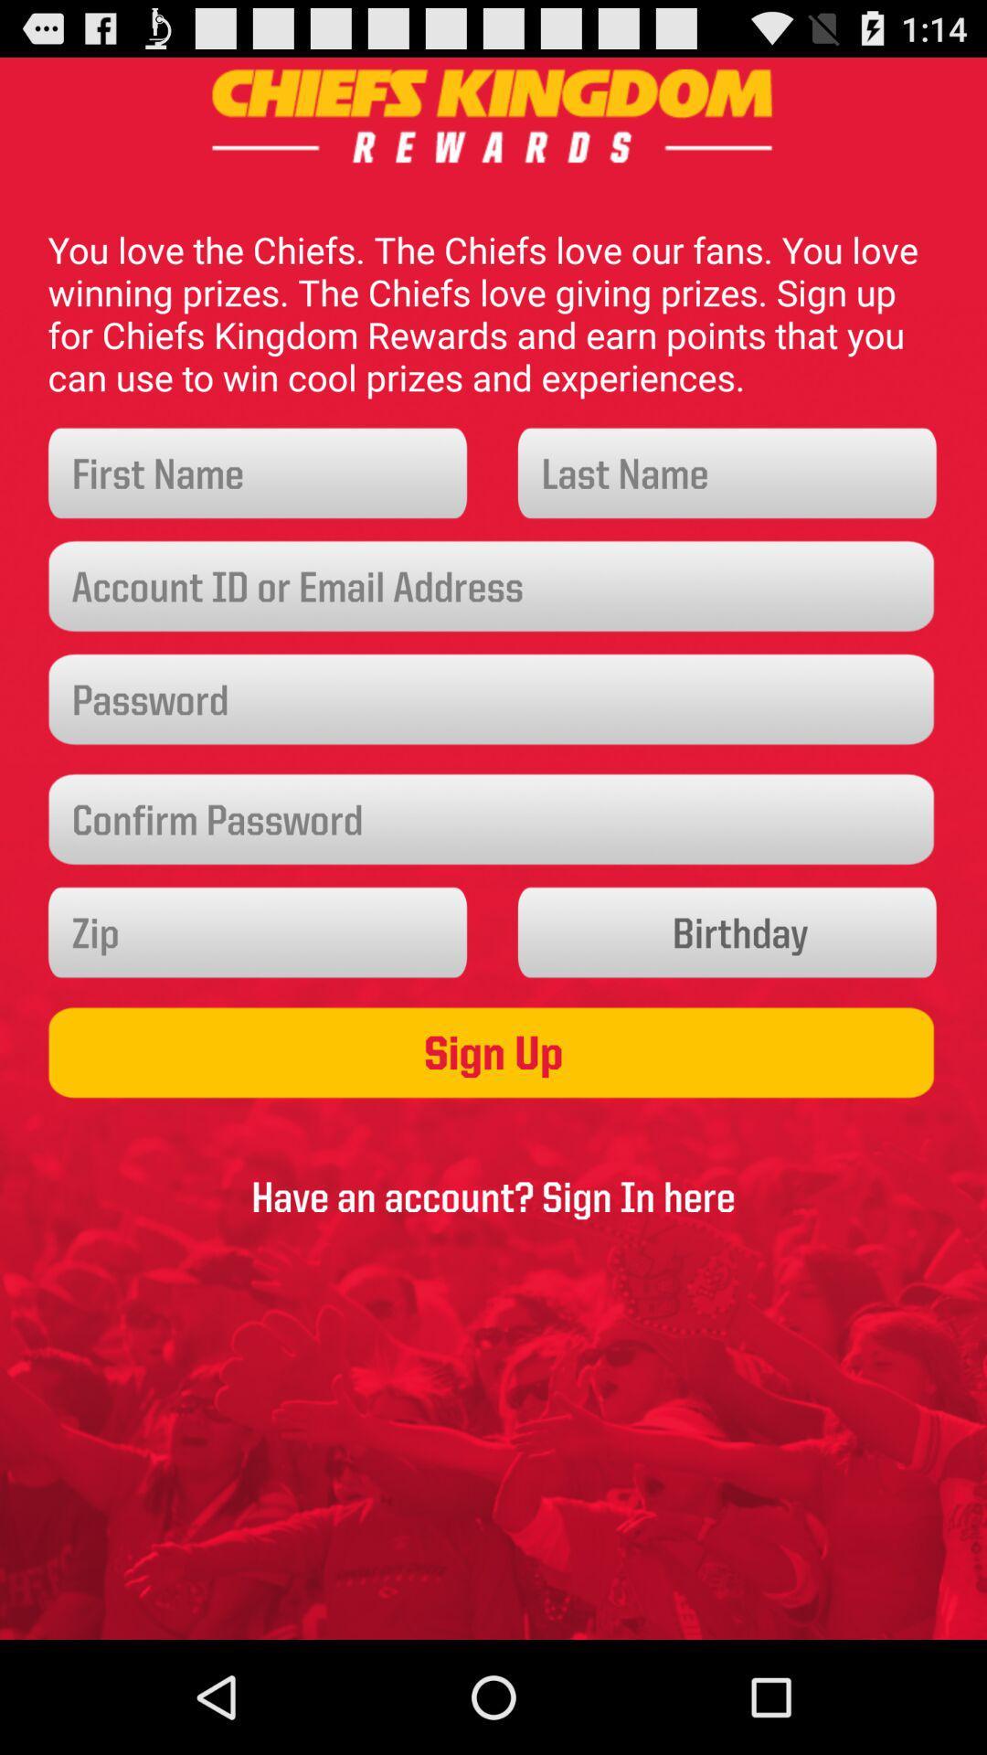  Describe the element at coordinates (493, 819) in the screenshot. I see `re-enter the password` at that location.